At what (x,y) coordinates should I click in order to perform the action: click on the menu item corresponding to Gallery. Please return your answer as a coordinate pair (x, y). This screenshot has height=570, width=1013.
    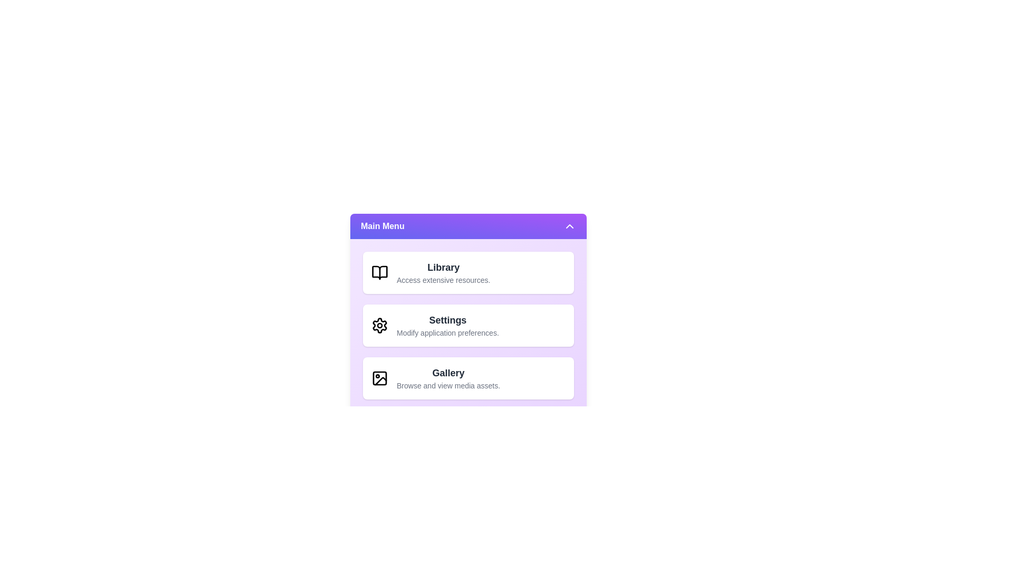
    Looking at the image, I should click on (468, 378).